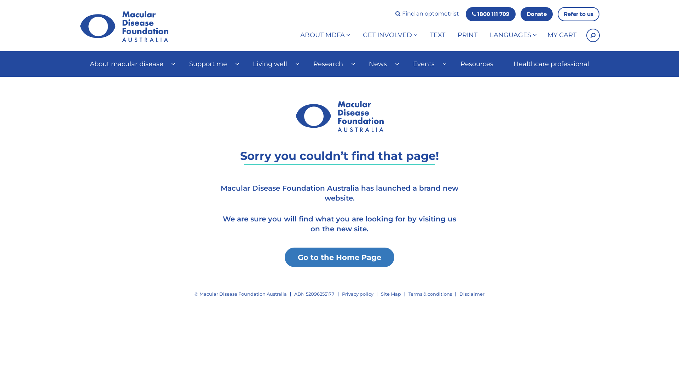 The height and width of the screenshot is (382, 679). I want to click on 'Resources', so click(477, 64).